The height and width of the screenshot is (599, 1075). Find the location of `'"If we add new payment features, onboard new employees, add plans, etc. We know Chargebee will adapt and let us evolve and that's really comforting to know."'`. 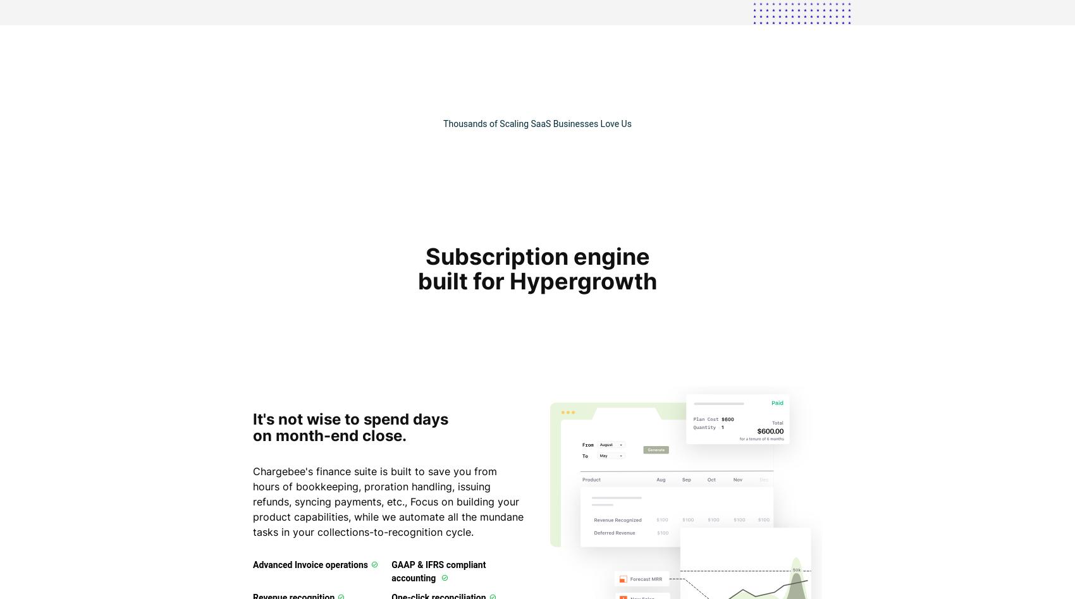

'"If we add new payment features, onboard new employees, add plans, etc. We know Chargebee will adapt and let us evolve and that's really comforting to know."' is located at coordinates (648, 49).